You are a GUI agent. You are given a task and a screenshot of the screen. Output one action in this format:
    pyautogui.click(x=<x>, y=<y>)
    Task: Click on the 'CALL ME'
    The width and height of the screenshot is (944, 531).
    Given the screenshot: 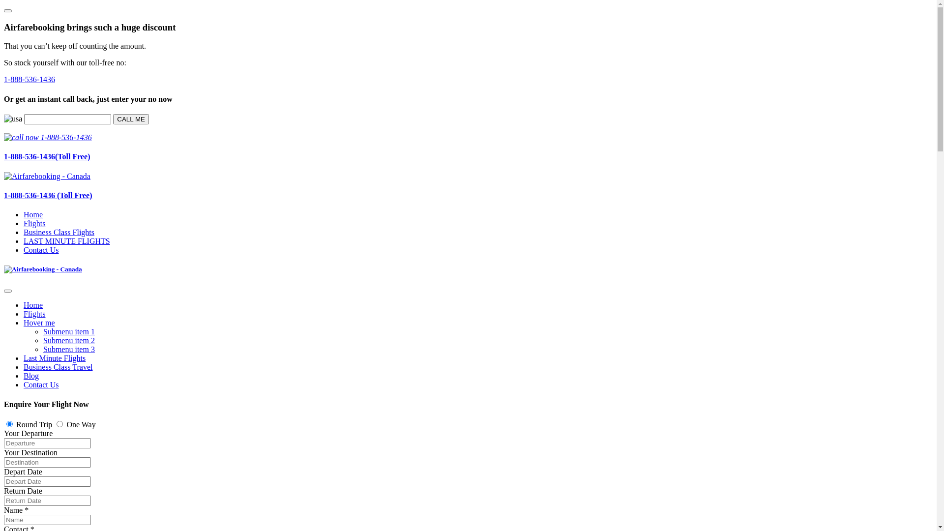 What is the action you would take?
    pyautogui.click(x=130, y=118)
    